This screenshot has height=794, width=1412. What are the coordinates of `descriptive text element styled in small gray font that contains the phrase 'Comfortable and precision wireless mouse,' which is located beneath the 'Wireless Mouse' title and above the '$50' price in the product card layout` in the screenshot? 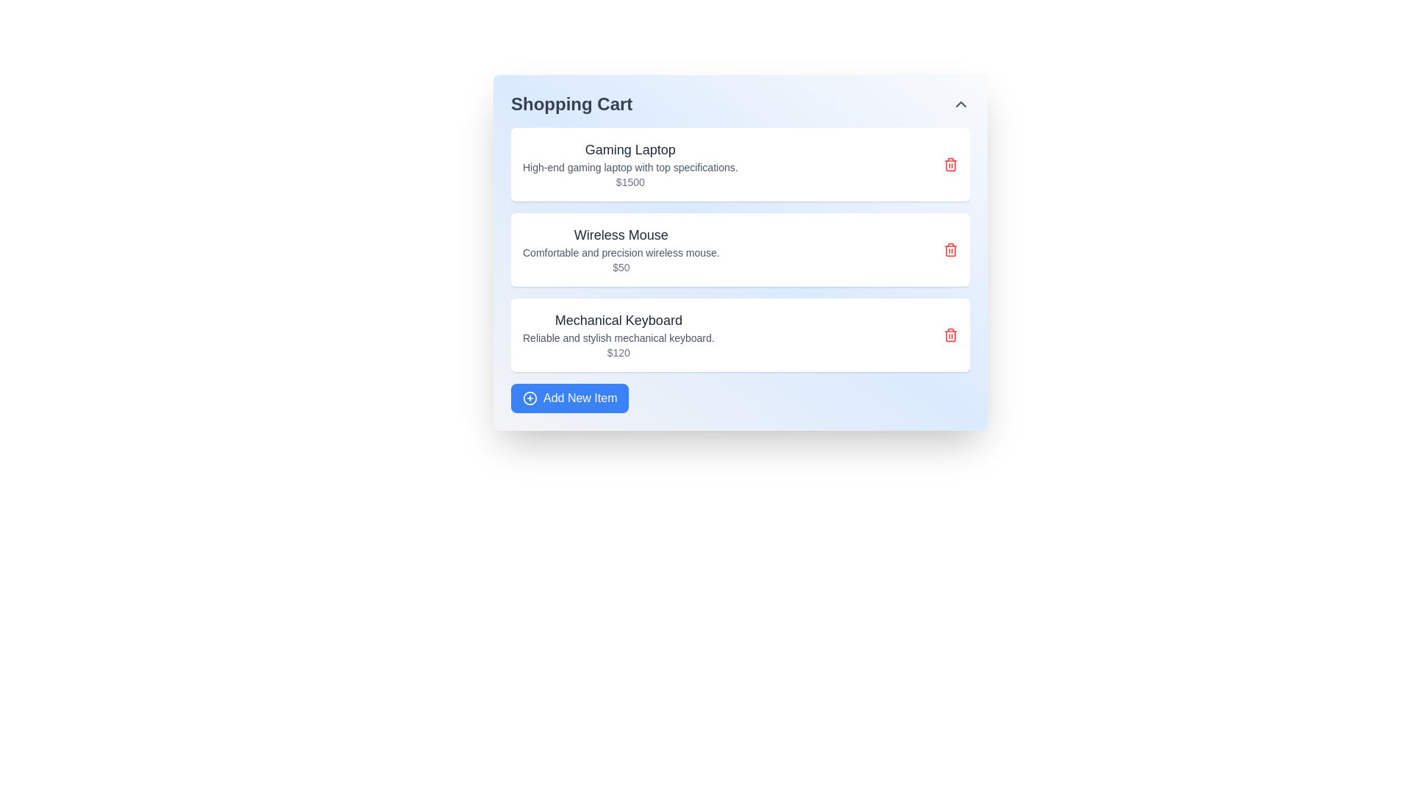 It's located at (621, 251).